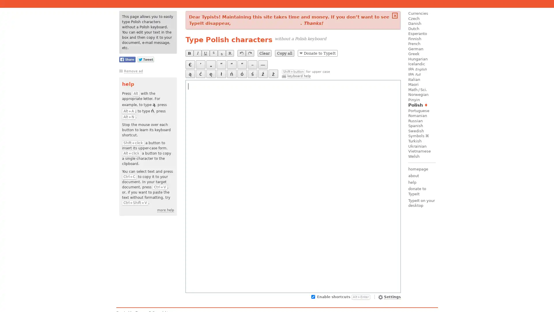 The height and width of the screenshot is (312, 554). Describe the element at coordinates (145, 59) in the screenshot. I see `Share this page on Twitter` at that location.